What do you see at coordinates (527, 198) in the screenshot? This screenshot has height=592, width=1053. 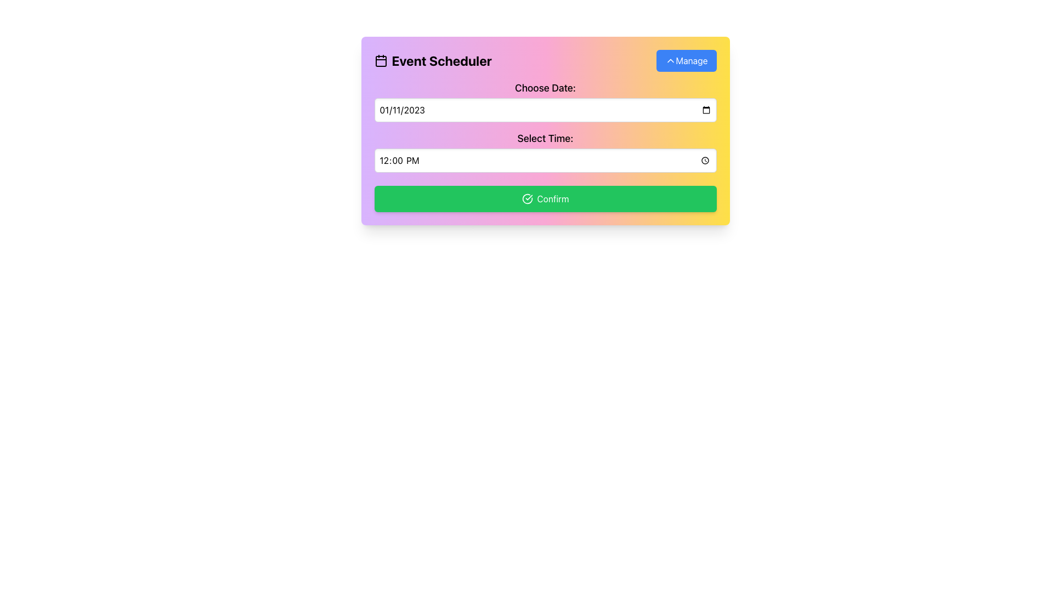 I see `the functionality of the confirmation icon located inside the 'Confirm' button at the bottom of the layout` at bounding box center [527, 198].